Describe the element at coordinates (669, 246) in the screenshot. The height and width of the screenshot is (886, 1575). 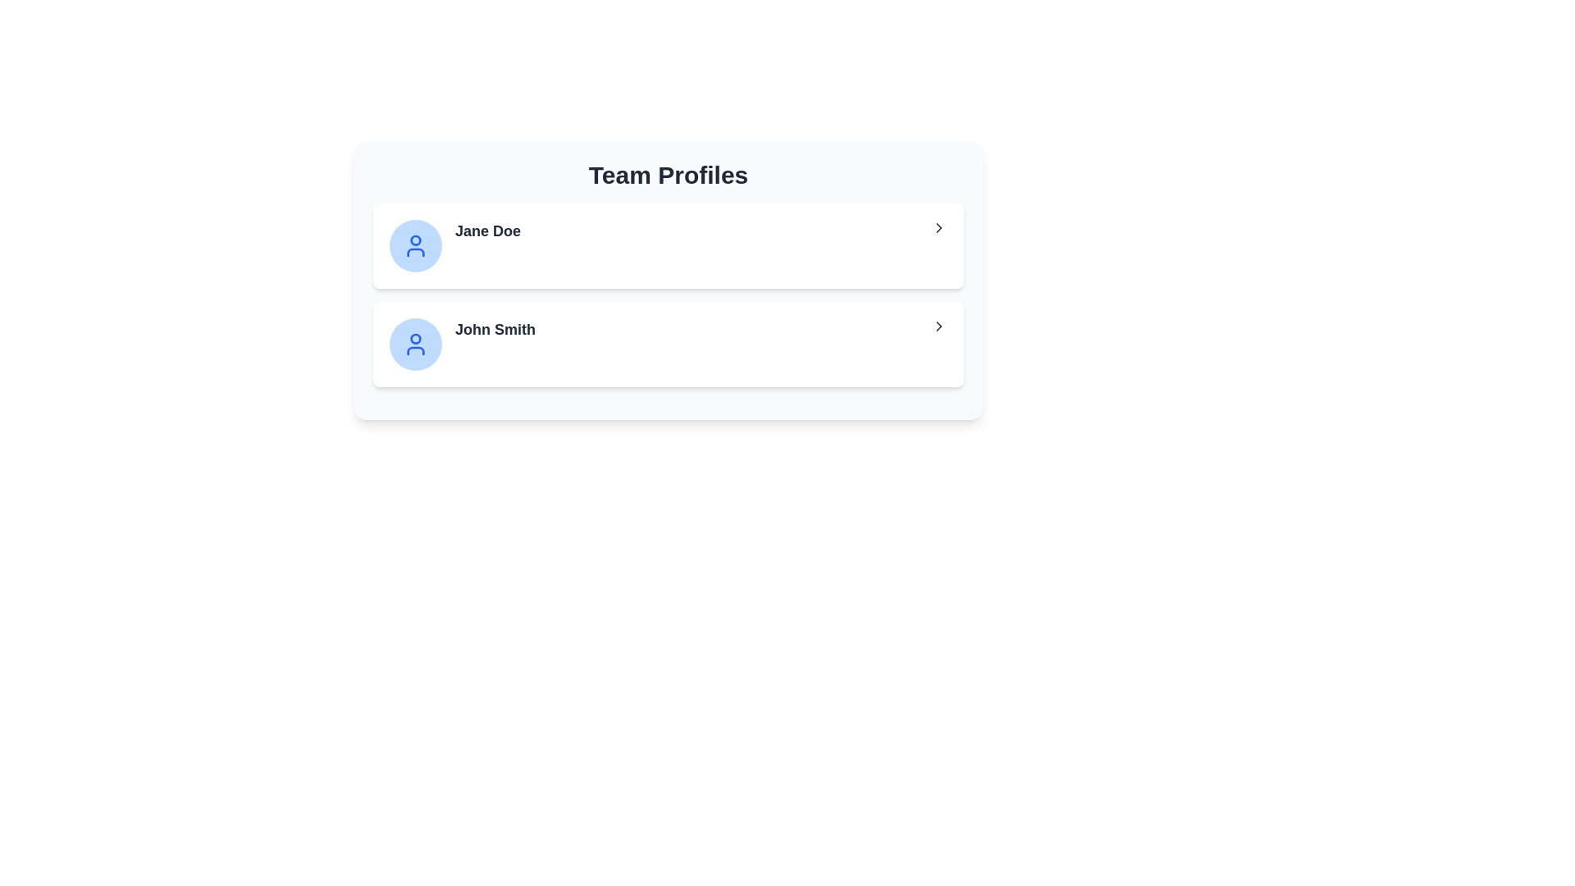
I see `the first Profile entry labeled 'Jane Doe' within the 'Team Profiles' section` at that location.